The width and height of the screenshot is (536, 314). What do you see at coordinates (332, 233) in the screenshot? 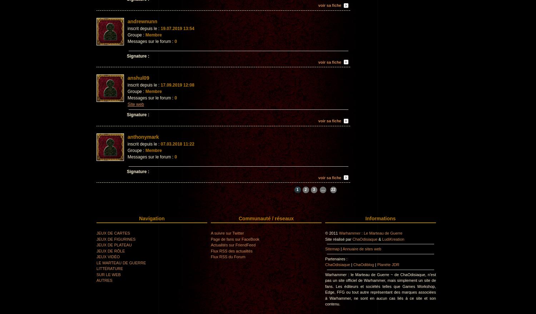
I see `'© 2011'` at bounding box center [332, 233].